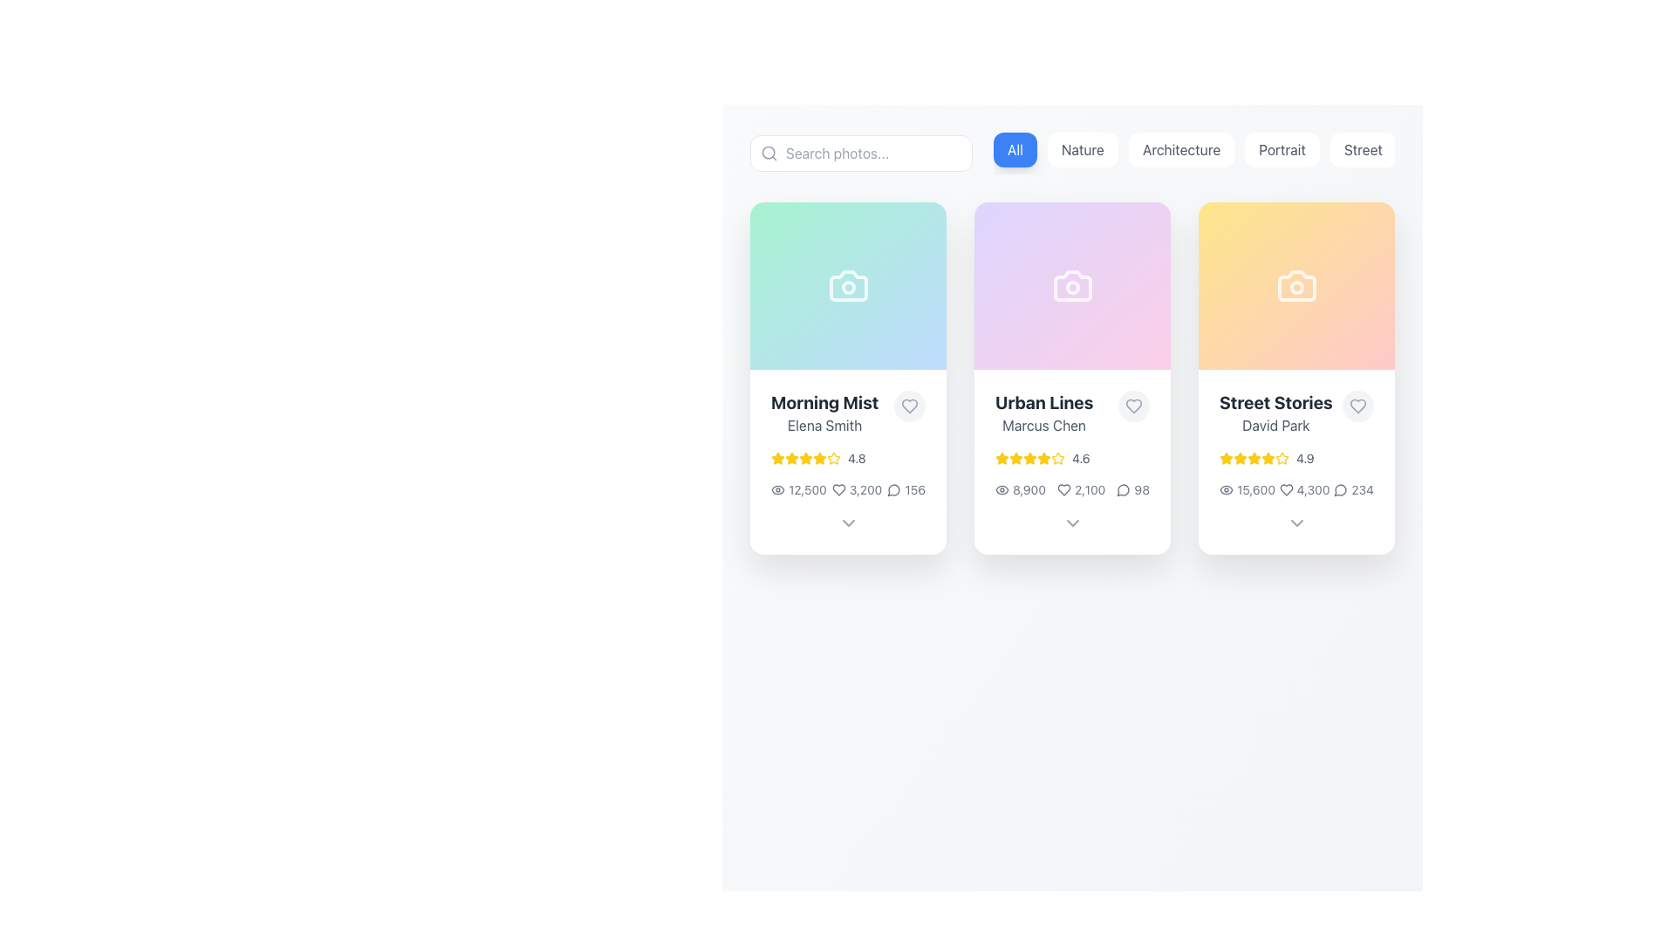  Describe the element at coordinates (777, 490) in the screenshot. I see `the eye-shaped icon located just left of the text '12,500' in the lower section of the leftmost card` at that location.